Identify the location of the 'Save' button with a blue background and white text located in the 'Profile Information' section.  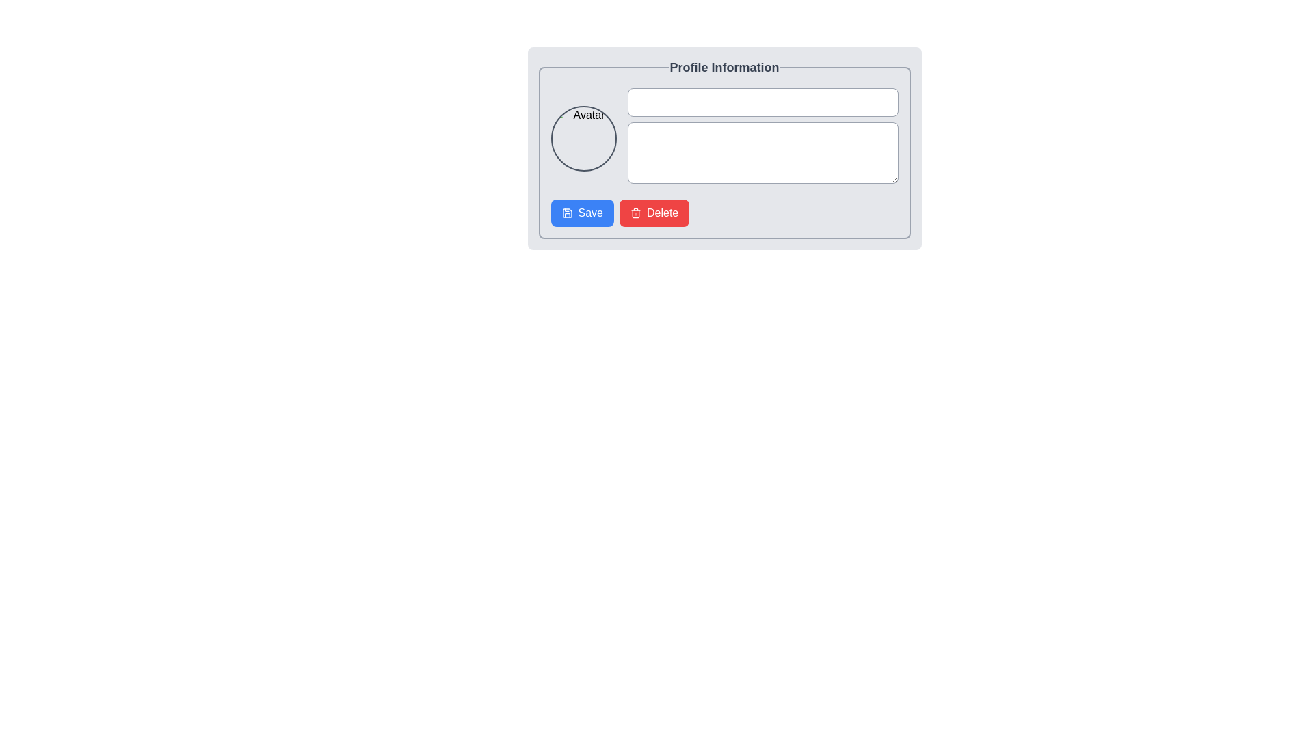
(582, 213).